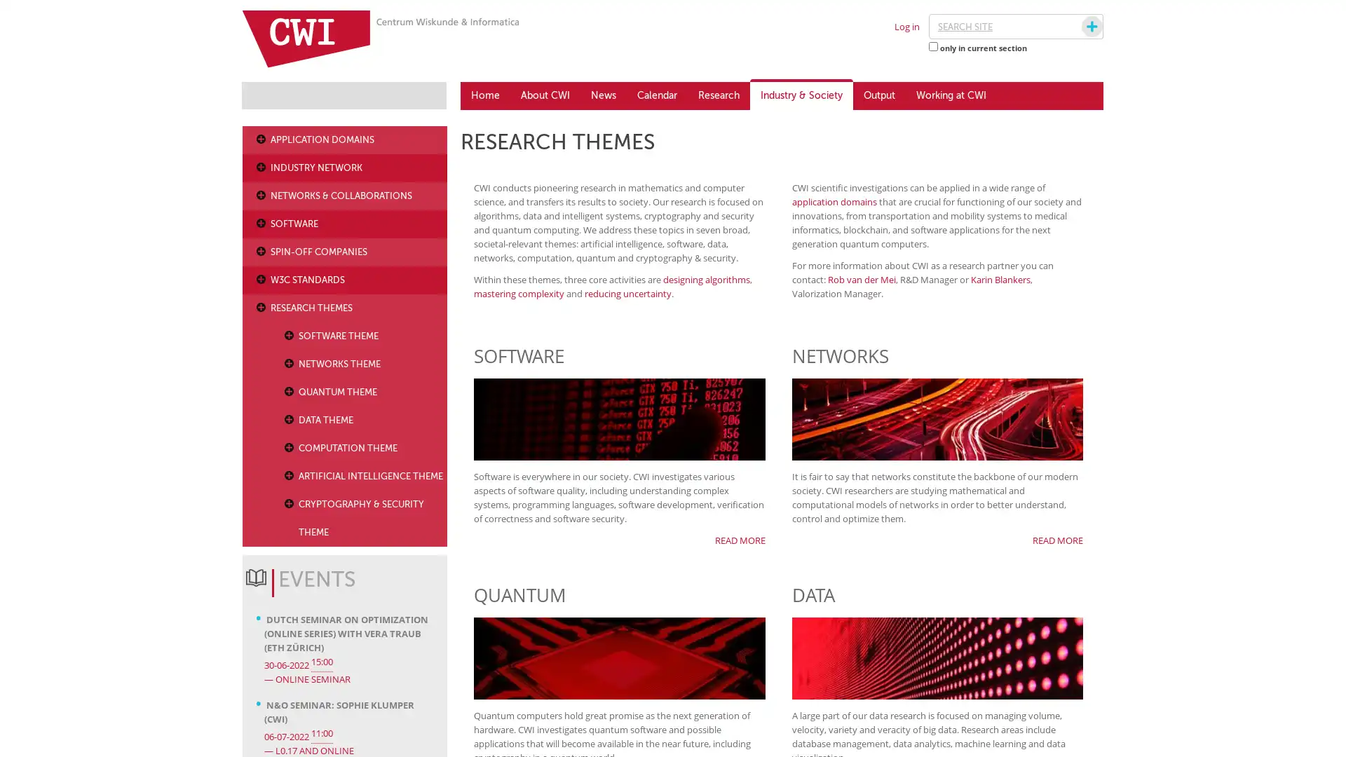 This screenshot has height=757, width=1346. I want to click on Search, so click(1078, 27).